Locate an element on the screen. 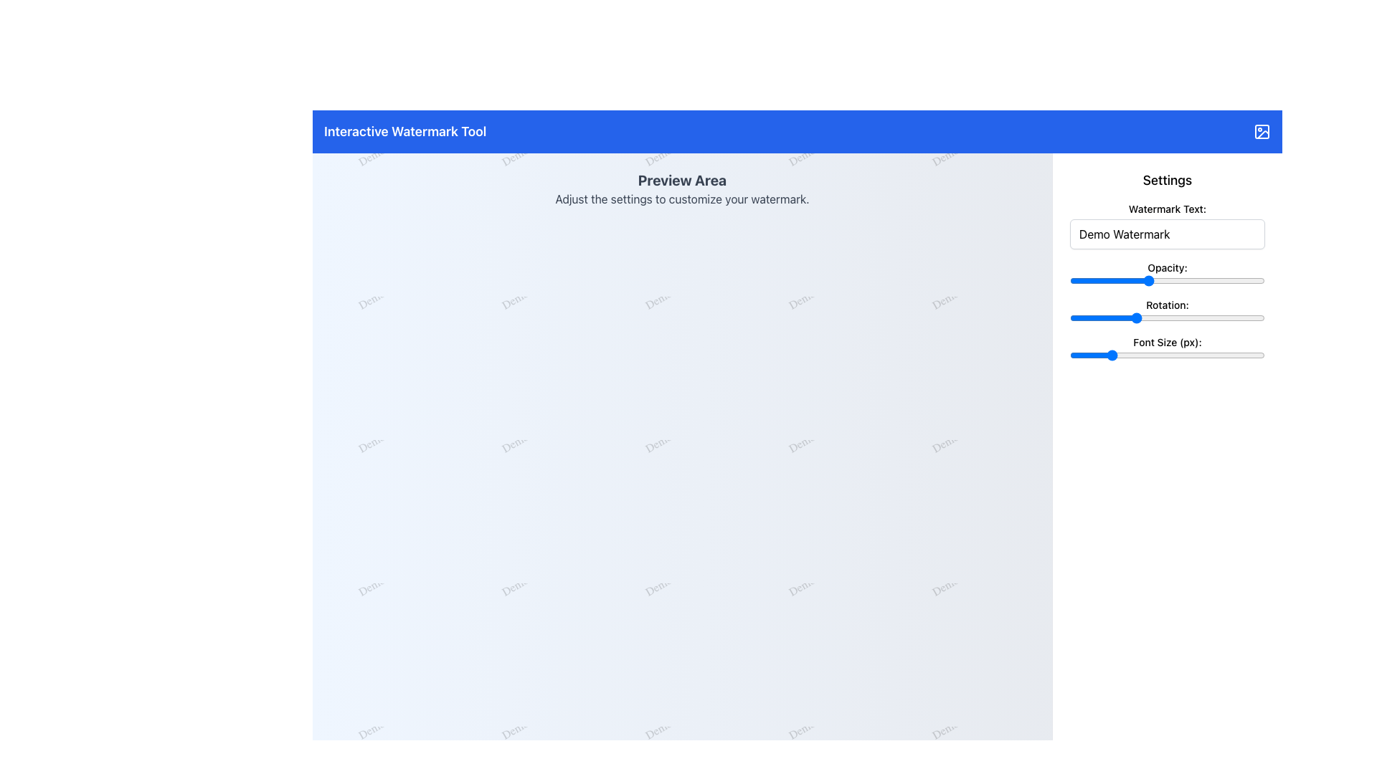  the text label displaying 'Adjust the settings to customize your watermark.' which is located below the bold title 'Preview Area.' is located at coordinates (681, 199).